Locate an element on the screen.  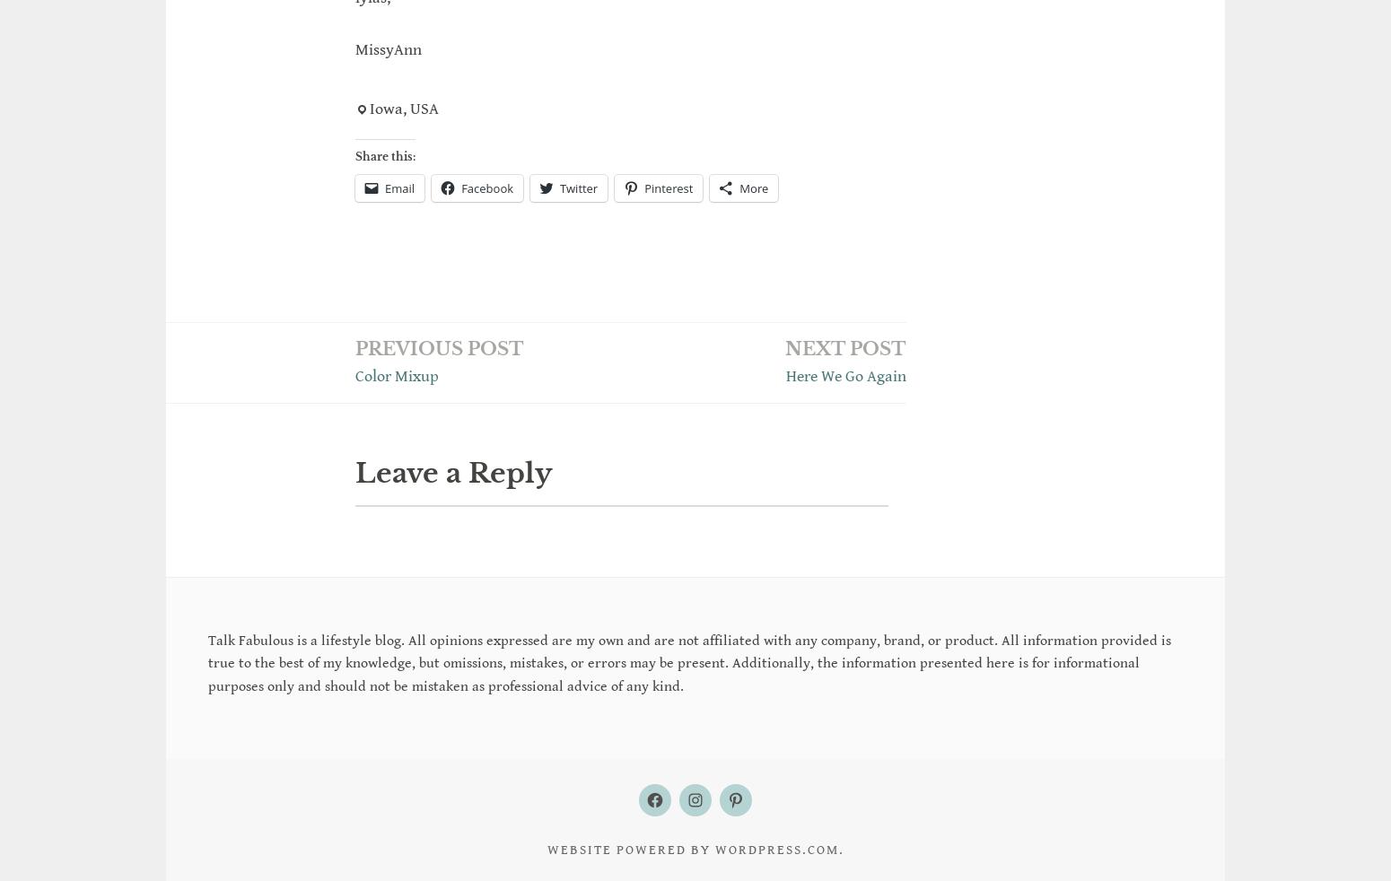
'Here We Go Again' is located at coordinates (845, 375).